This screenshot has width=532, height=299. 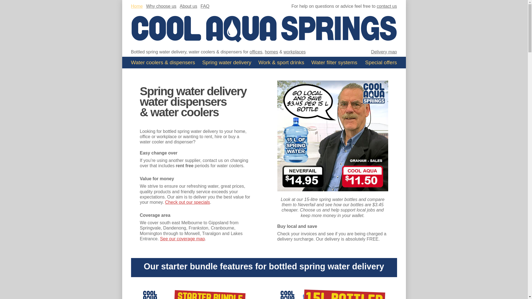 I want to click on 'Spring water delivery', so click(x=227, y=62).